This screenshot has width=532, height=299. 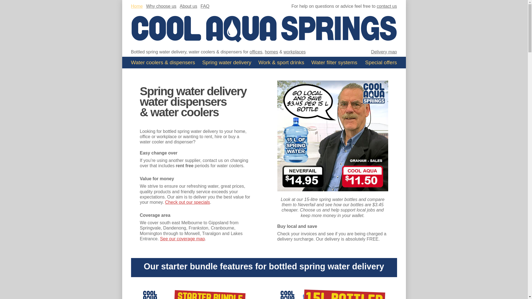 I want to click on 'Spring water delivery', so click(x=227, y=62).